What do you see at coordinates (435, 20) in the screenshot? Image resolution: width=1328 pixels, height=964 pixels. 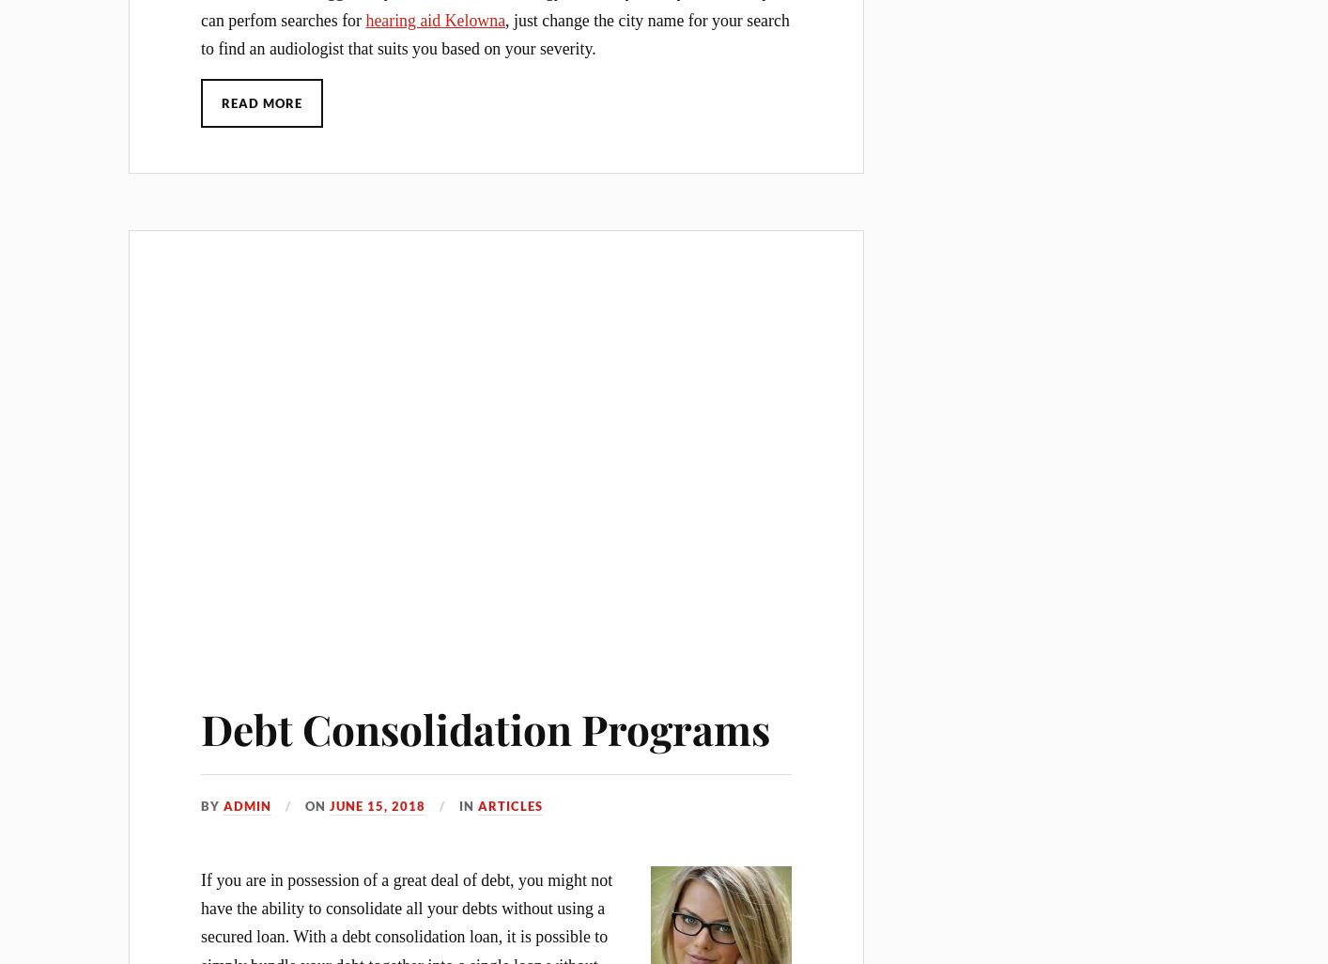 I see `'hearing aid Kelowna'` at bounding box center [435, 20].